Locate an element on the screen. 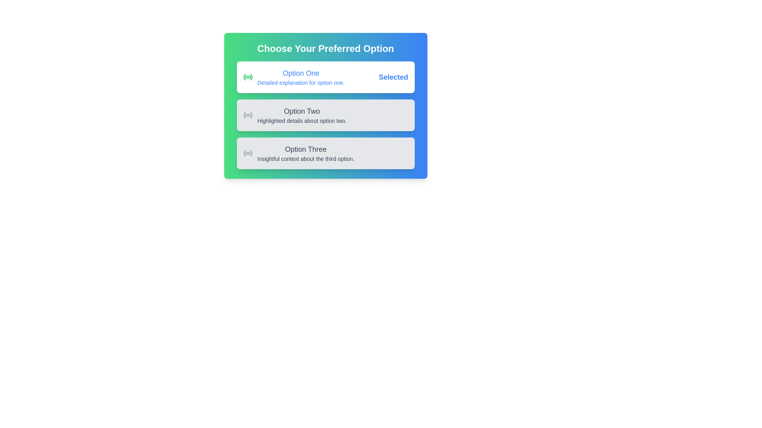 This screenshot has height=428, width=762. the text label providing supplementary details about the 'Option Two' option, located directly underneath the 'Option Two' title is located at coordinates (301, 120).